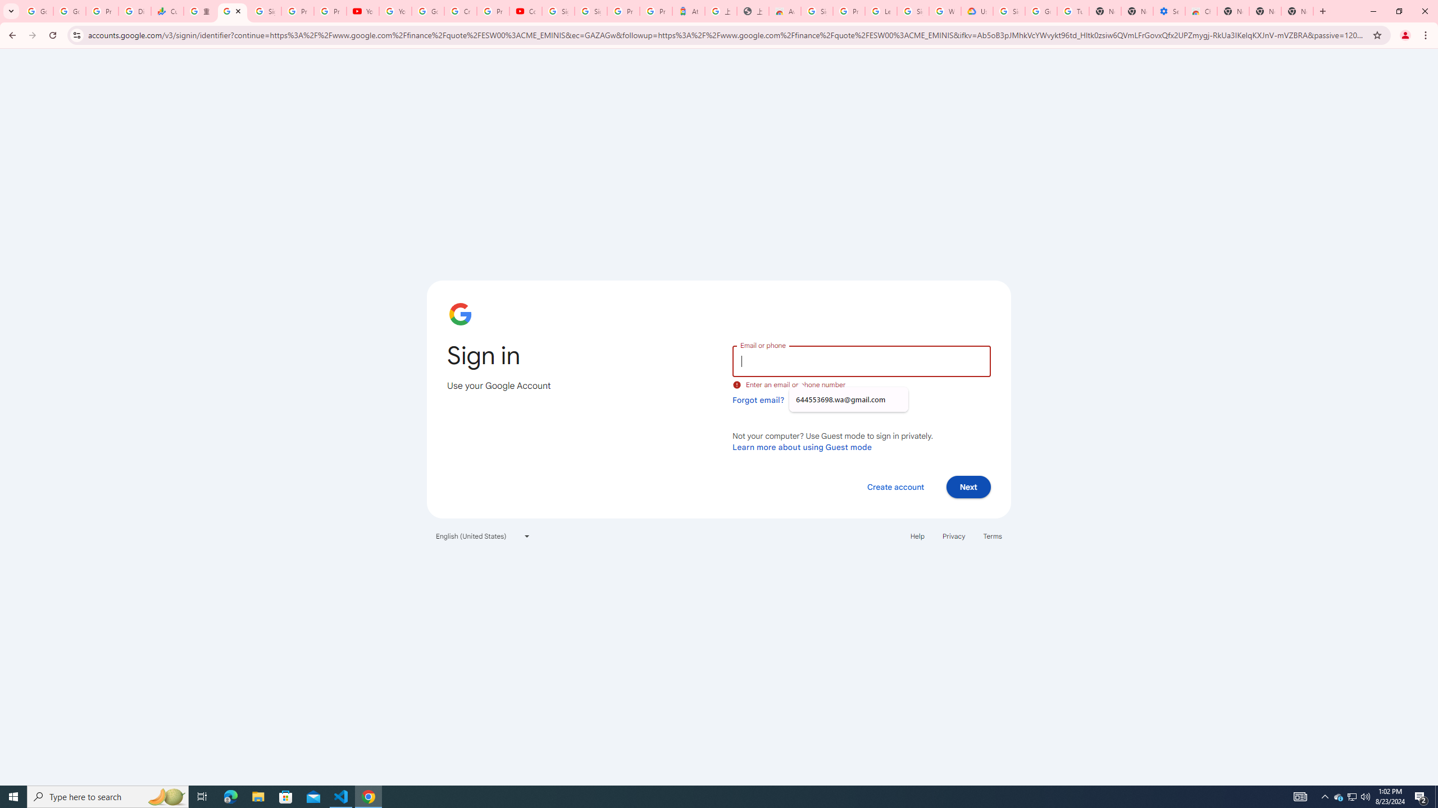 The height and width of the screenshot is (808, 1438). I want to click on 'YouTube', so click(395, 11).